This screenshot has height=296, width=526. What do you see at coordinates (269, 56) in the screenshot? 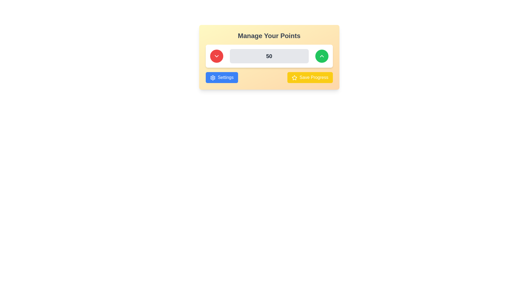
I see `the numeric display of the counter control` at bounding box center [269, 56].